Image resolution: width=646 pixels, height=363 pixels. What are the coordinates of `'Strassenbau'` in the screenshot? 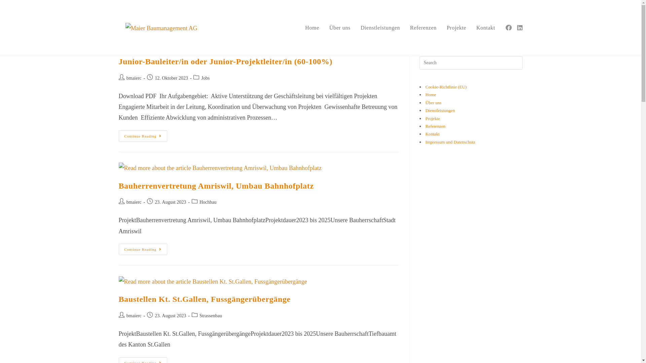 It's located at (199, 316).